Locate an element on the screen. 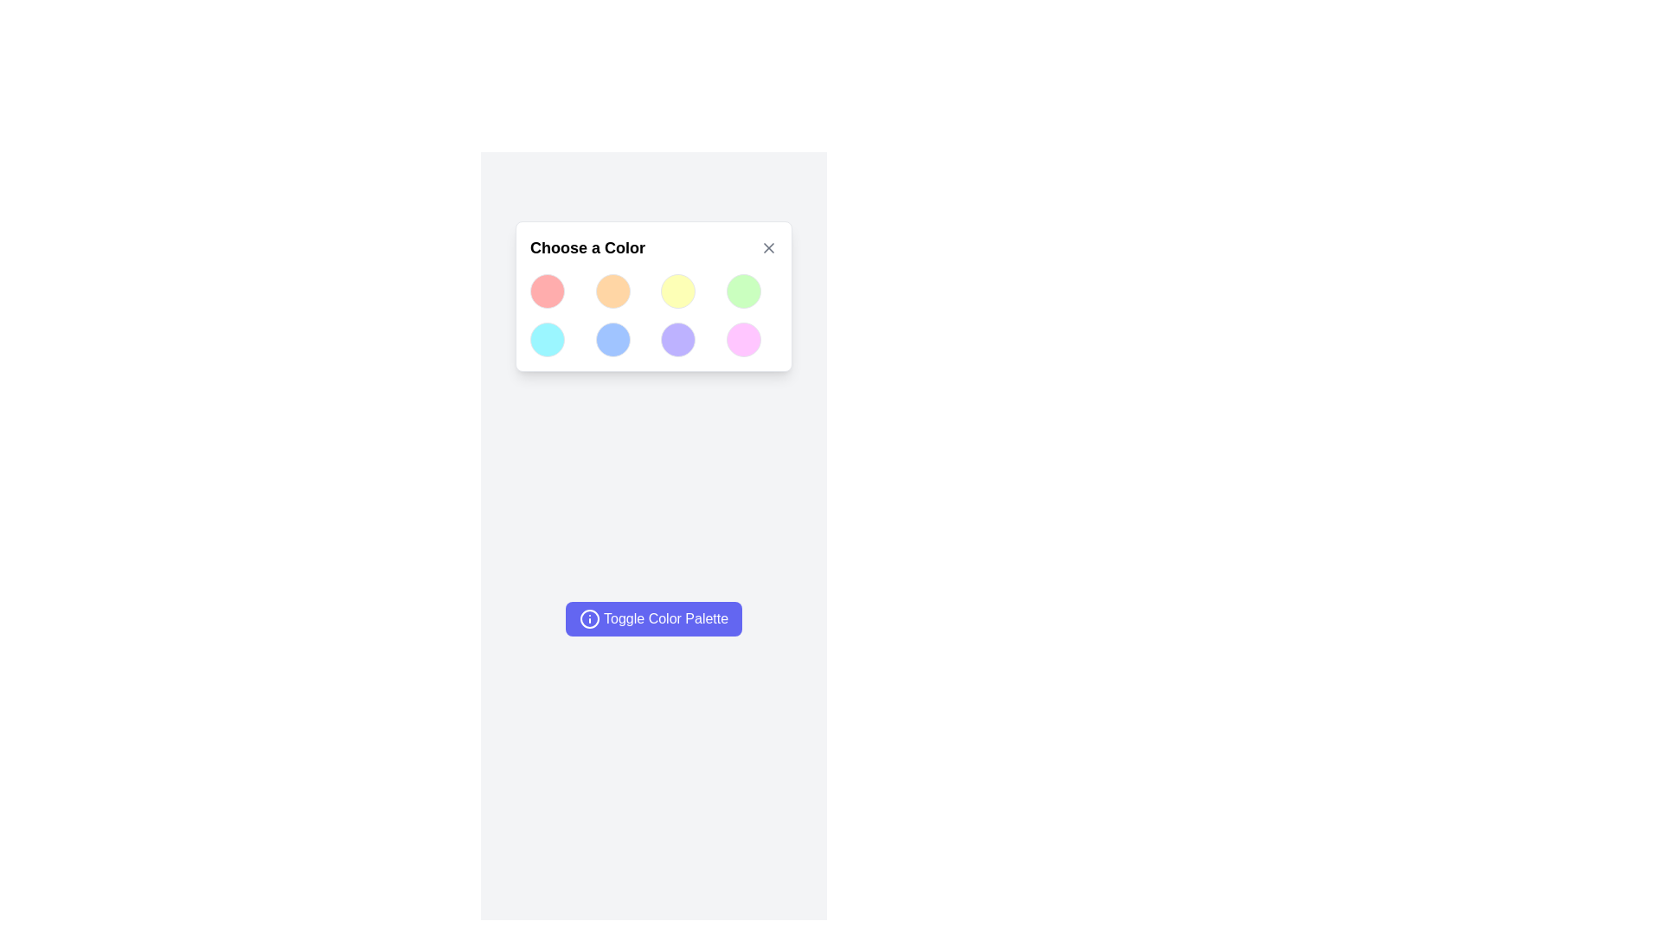  the informational icon located on the left side of the 'Toggle Color Palette' button is located at coordinates (589, 618).